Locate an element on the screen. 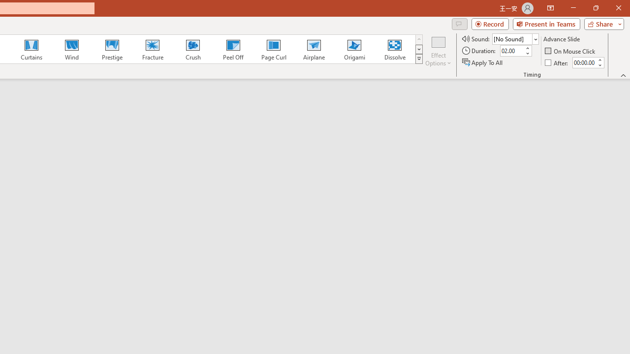 The image size is (630, 354). 'Sound' is located at coordinates (515, 38).